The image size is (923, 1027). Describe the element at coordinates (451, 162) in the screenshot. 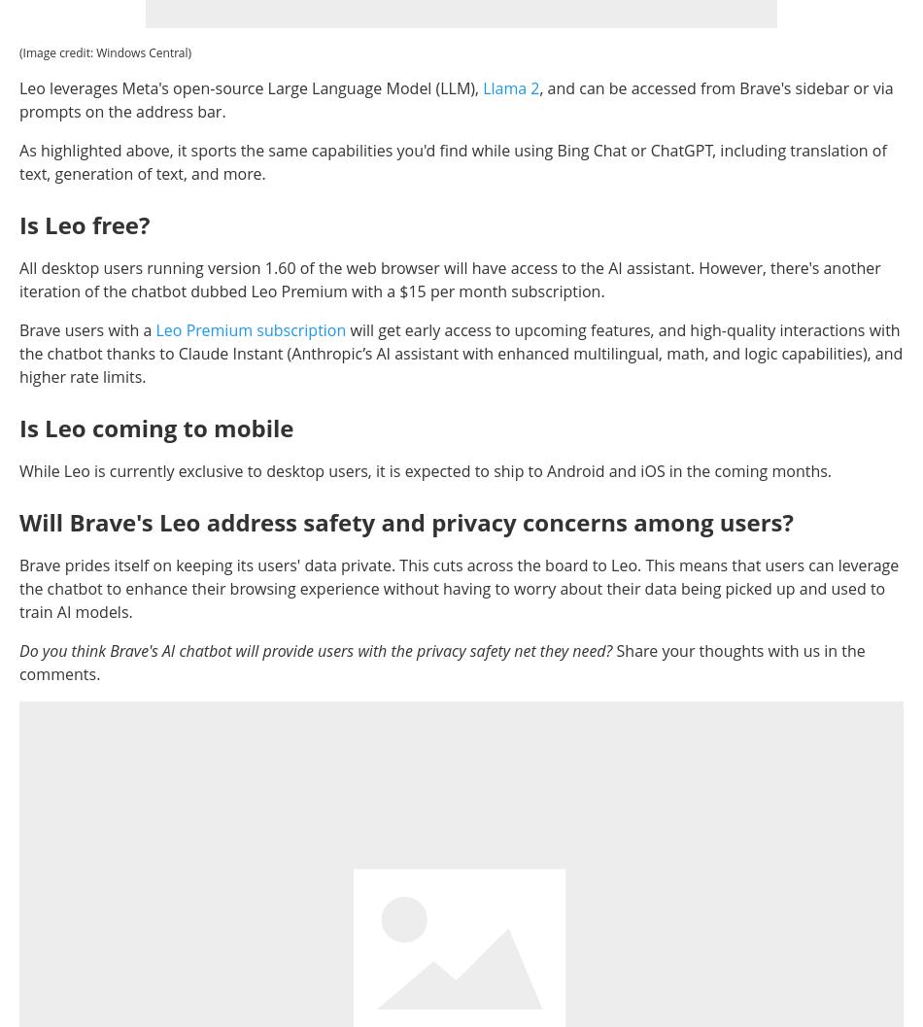

I see `'As highlighted above, it sports the same capabilities you'd find while using Bing Chat or ChatGPT, including translation of text, generation of text, and more.'` at that location.